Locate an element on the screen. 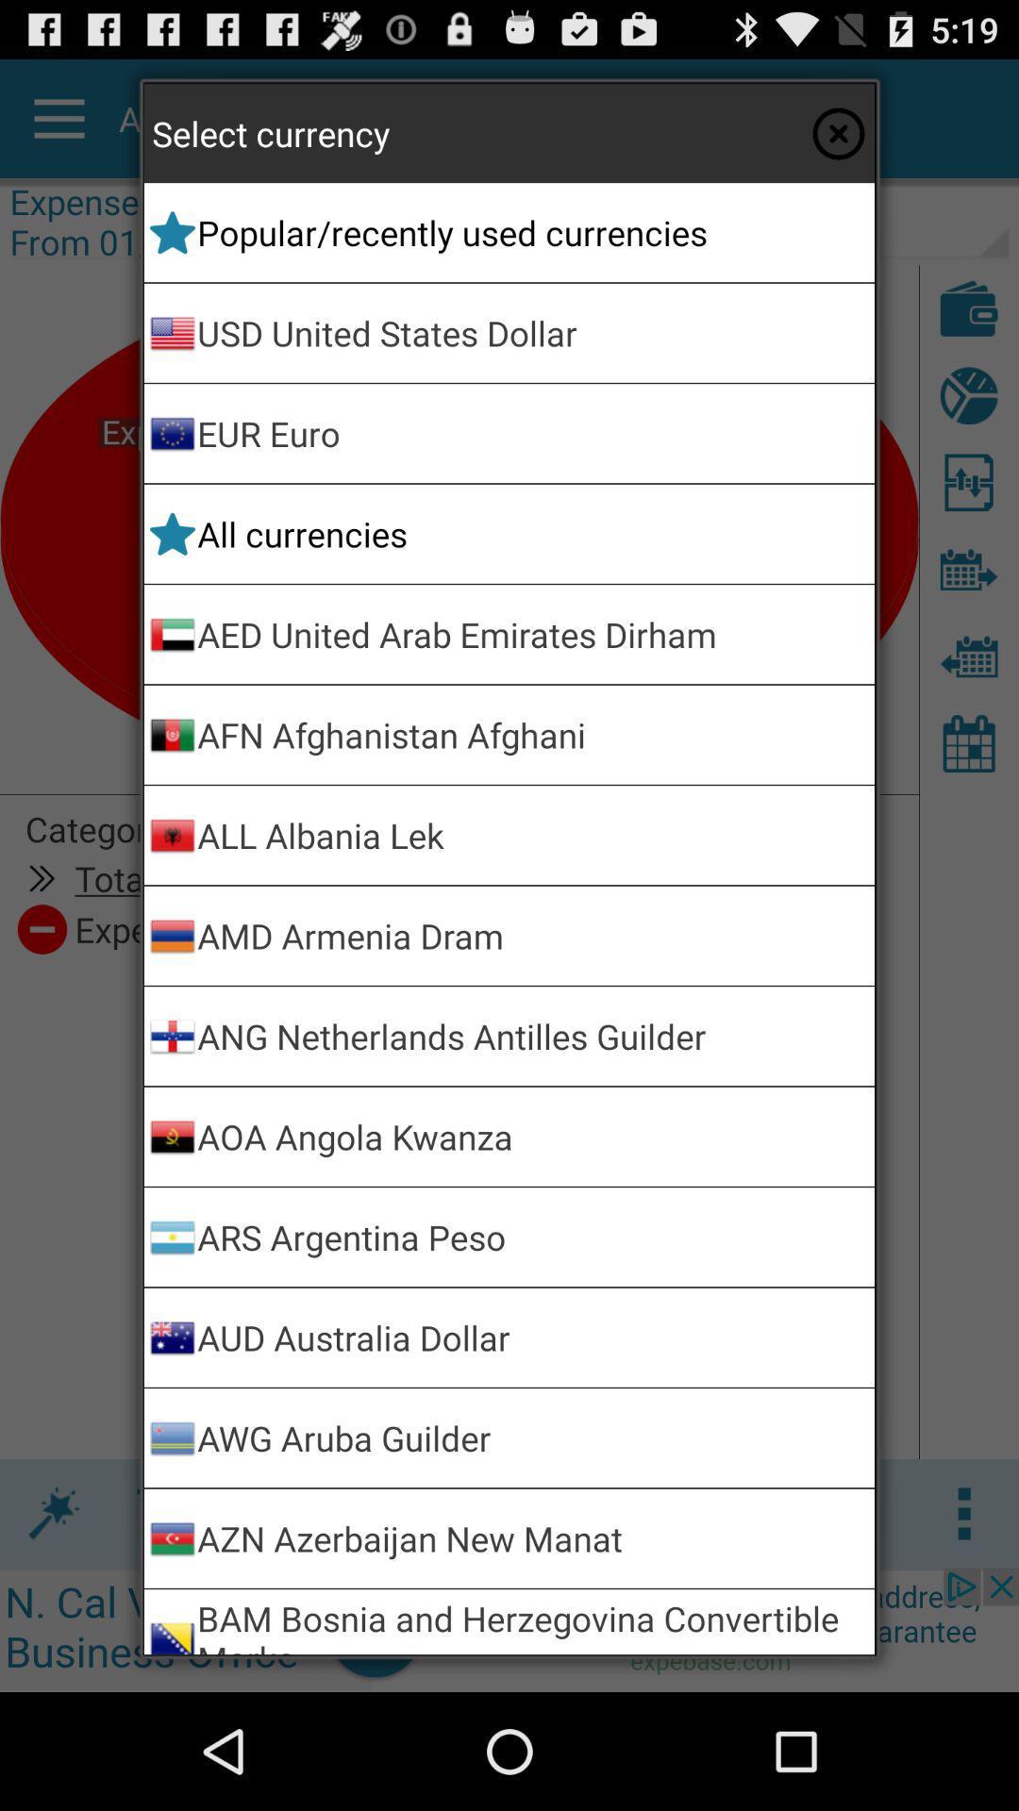  the item above awg aruba guilder app is located at coordinates (532, 1337).